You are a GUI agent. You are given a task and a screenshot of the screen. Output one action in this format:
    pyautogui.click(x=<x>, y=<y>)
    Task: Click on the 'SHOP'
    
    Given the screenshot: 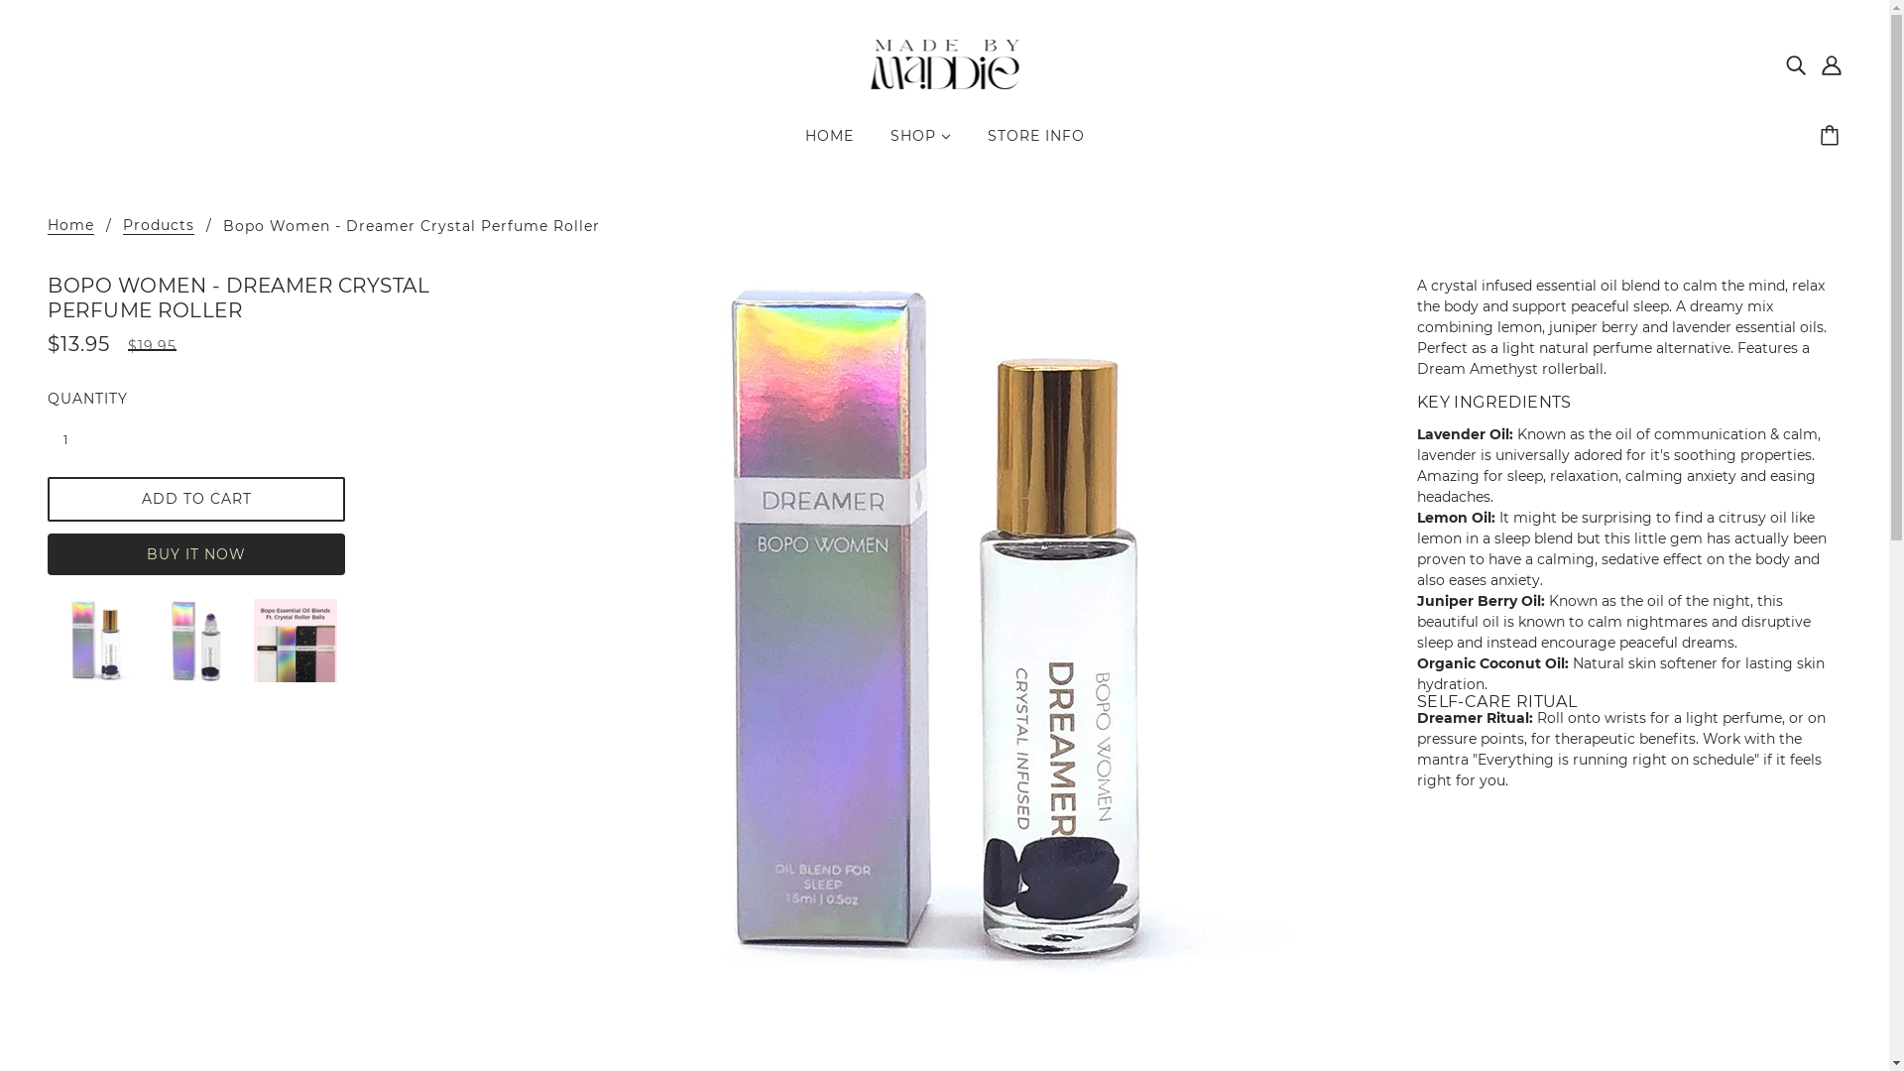 What is the action you would take?
    pyautogui.click(x=919, y=143)
    